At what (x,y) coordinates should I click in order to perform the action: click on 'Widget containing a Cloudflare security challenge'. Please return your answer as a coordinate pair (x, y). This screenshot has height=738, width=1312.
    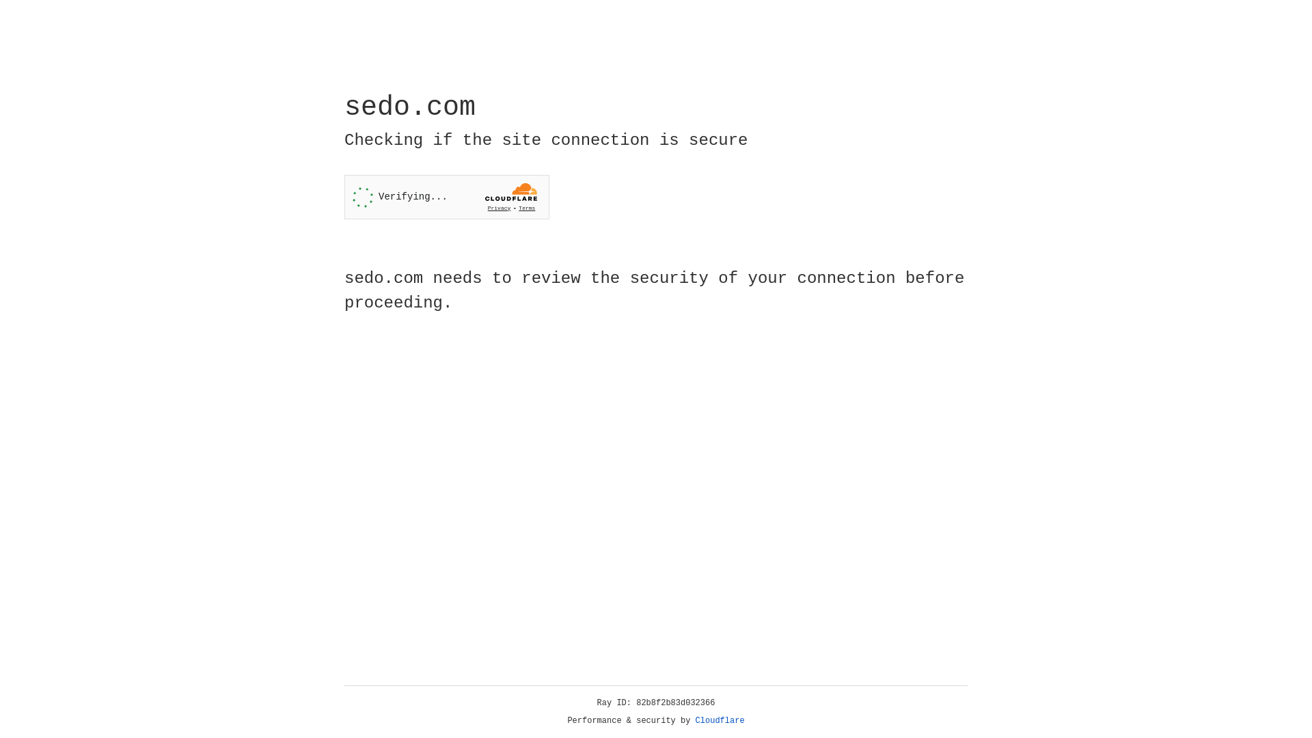
    Looking at the image, I should click on (446, 197).